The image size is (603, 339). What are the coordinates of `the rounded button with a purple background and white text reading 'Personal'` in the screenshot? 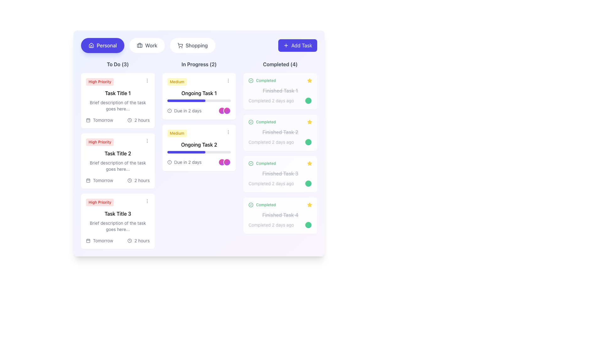 It's located at (103, 45).